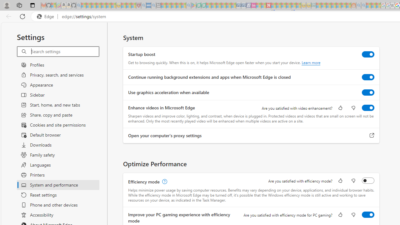 The width and height of the screenshot is (400, 225). I want to click on 'Latest Politics News & Archive | Newsweek.com - Sleeping', so click(268, 5).